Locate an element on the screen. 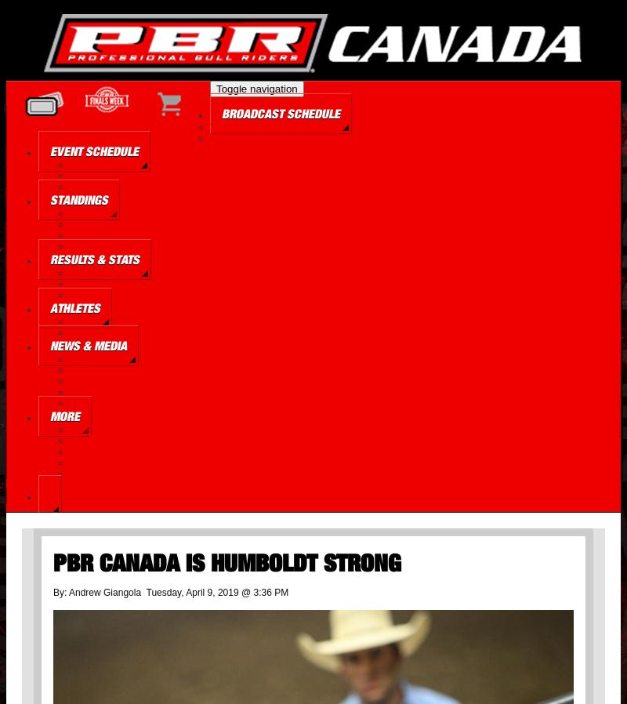  'Bulls' is located at coordinates (77, 332).